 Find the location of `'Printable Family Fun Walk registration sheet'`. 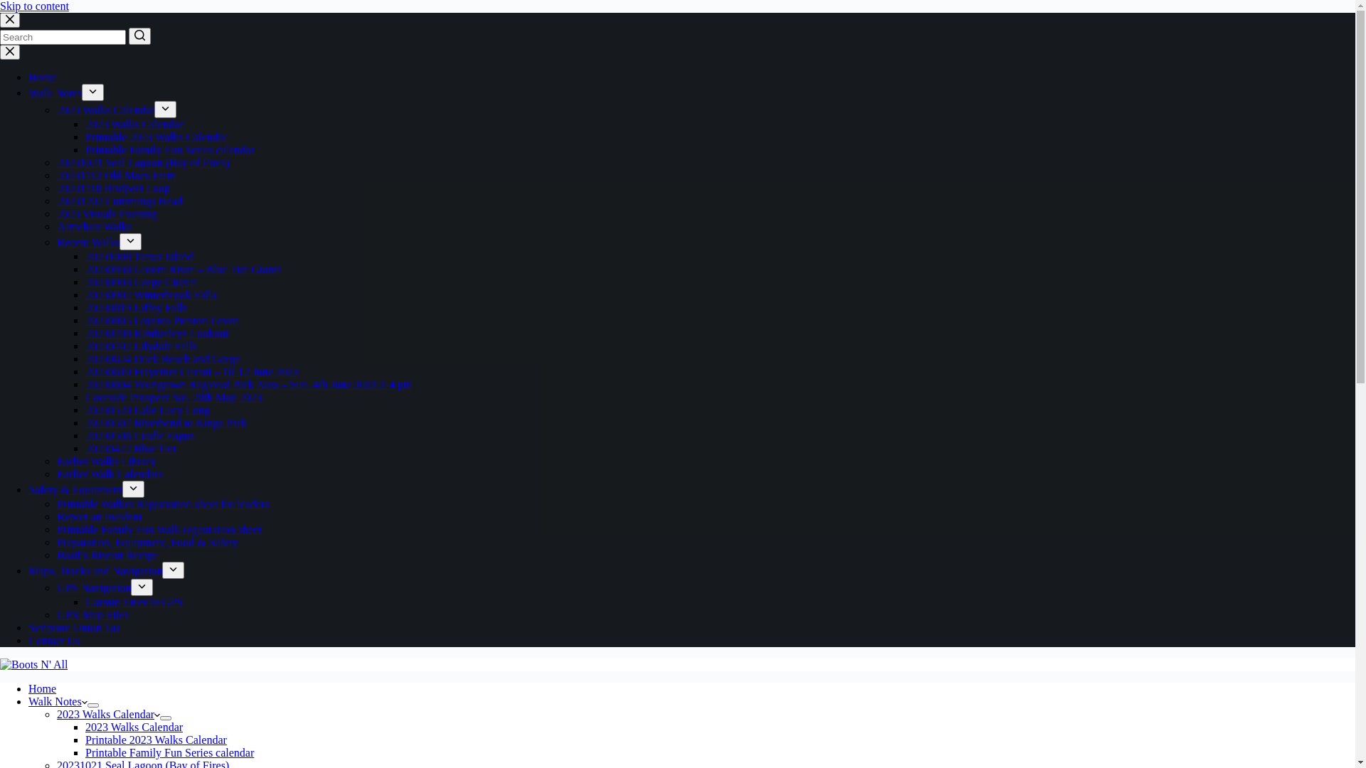

'Printable Family Fun Walk registration sheet' is located at coordinates (57, 529).